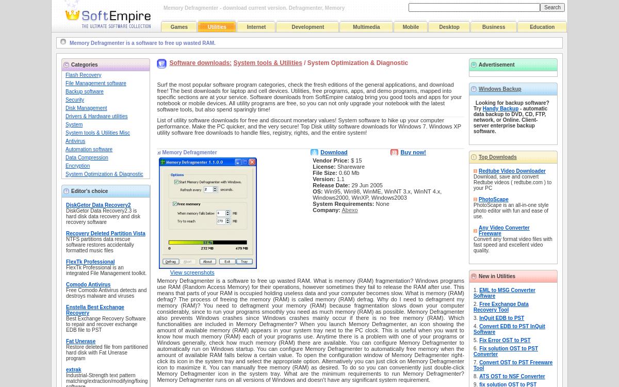 This screenshot has height=387, width=619. Describe the element at coordinates (478, 157) in the screenshot. I see `'Top Downloads'` at that location.